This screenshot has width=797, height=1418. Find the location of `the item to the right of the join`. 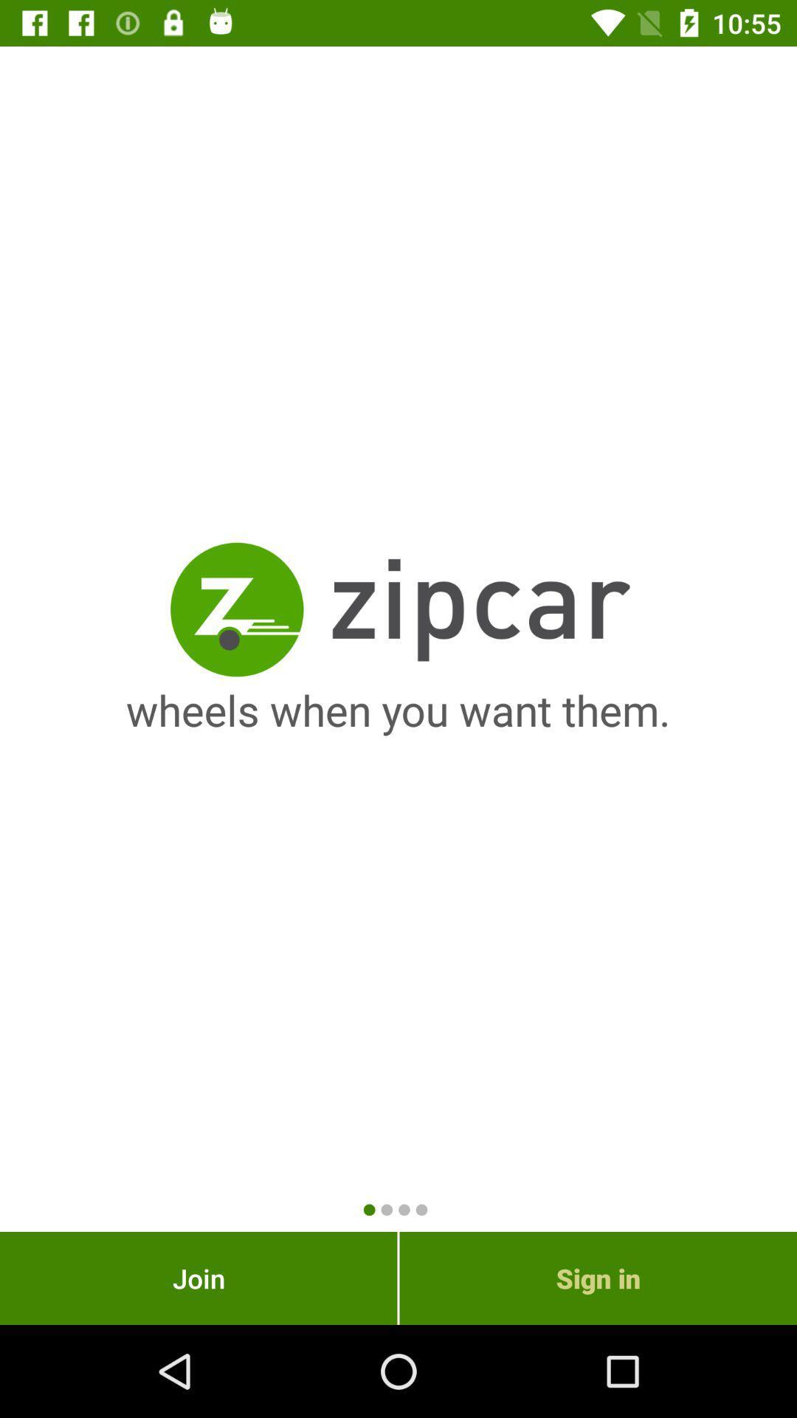

the item to the right of the join is located at coordinates (598, 1278).